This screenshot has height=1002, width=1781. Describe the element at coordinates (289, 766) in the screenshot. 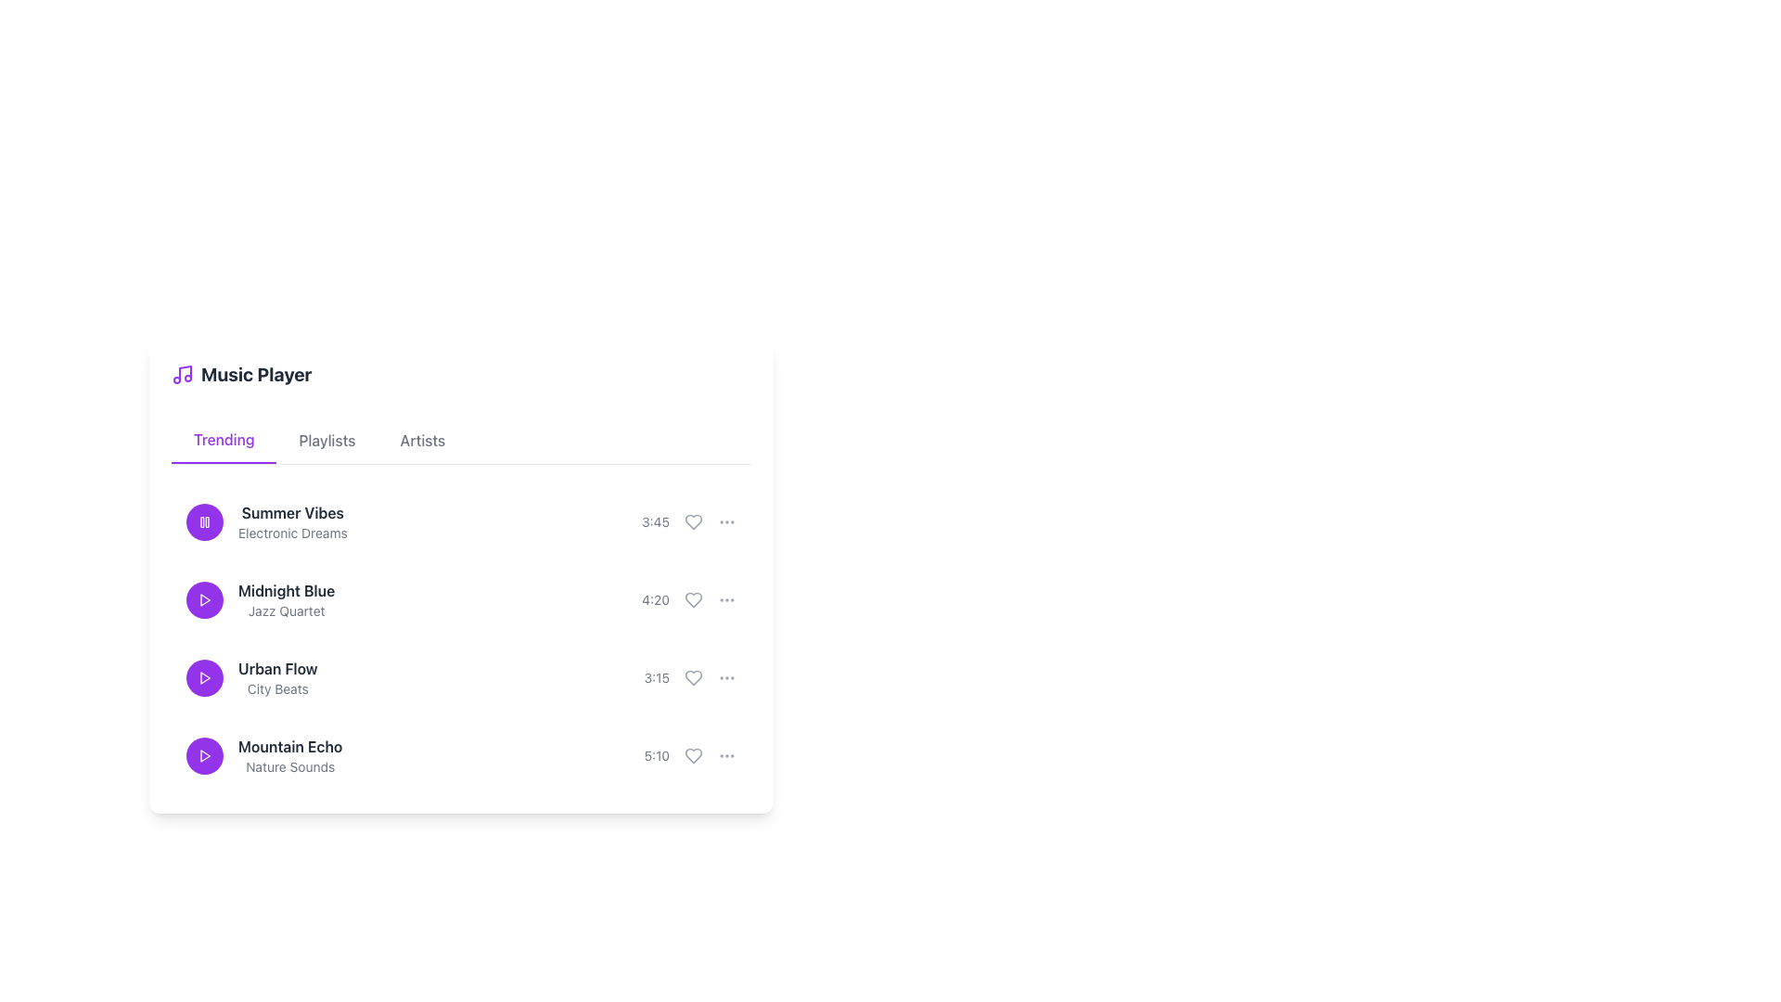

I see `the descriptive subtitle for the audio track titled 'Mountain Echo', located at the bottom of the vertical list in the 'Trending' tab of the music player interface` at that location.